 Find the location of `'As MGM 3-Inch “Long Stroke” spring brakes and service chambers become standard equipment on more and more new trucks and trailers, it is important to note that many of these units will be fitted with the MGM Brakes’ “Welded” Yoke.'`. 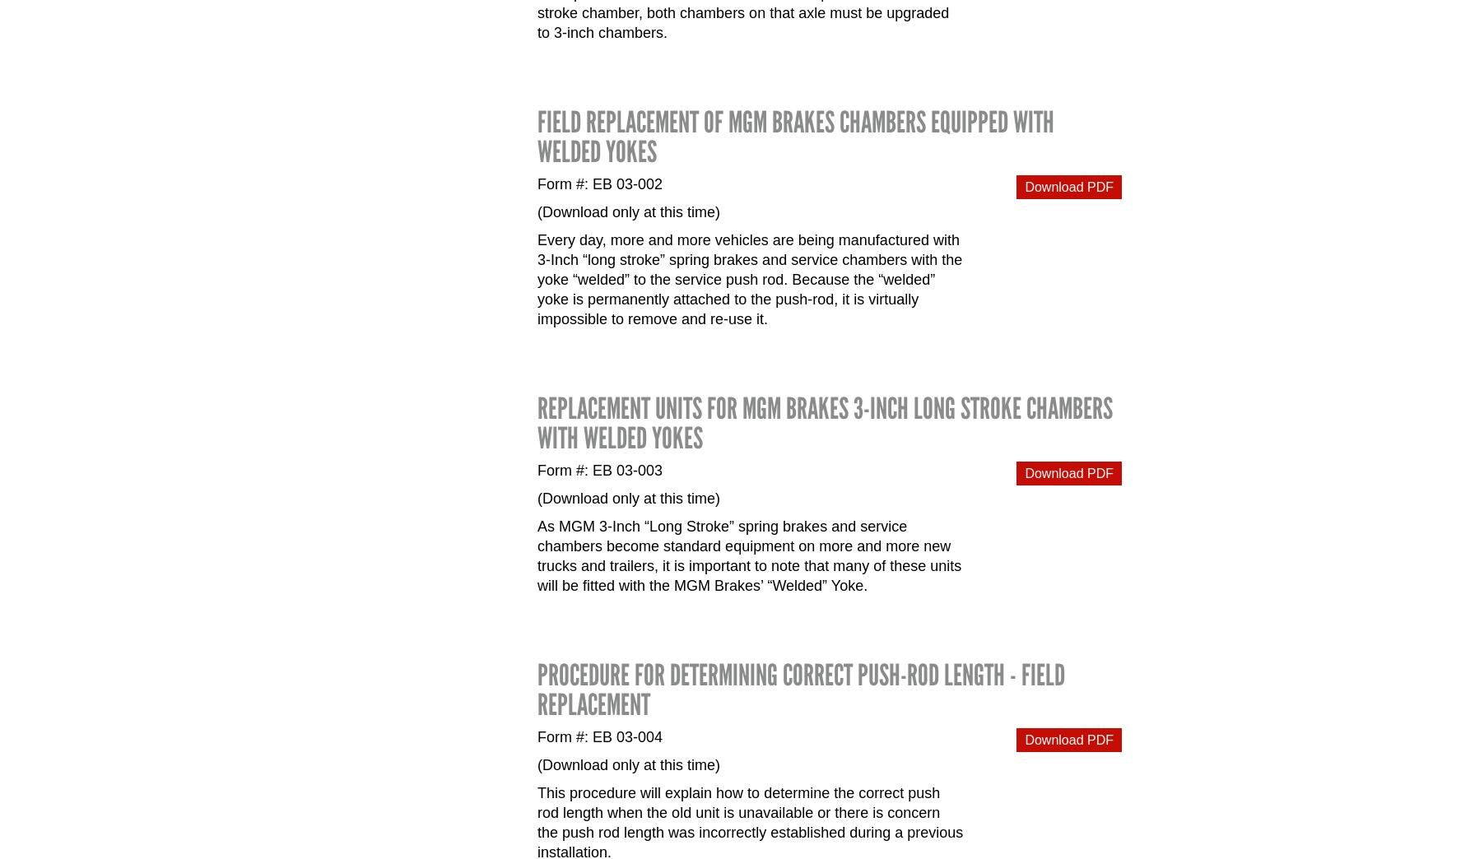

'As MGM 3-Inch “Long Stroke” spring brakes and service chambers become standard equipment on more and more new trucks and trailers, it is important to note that many of these units will be fitted with the MGM Brakes’ “Welded” Yoke.' is located at coordinates (537, 555).